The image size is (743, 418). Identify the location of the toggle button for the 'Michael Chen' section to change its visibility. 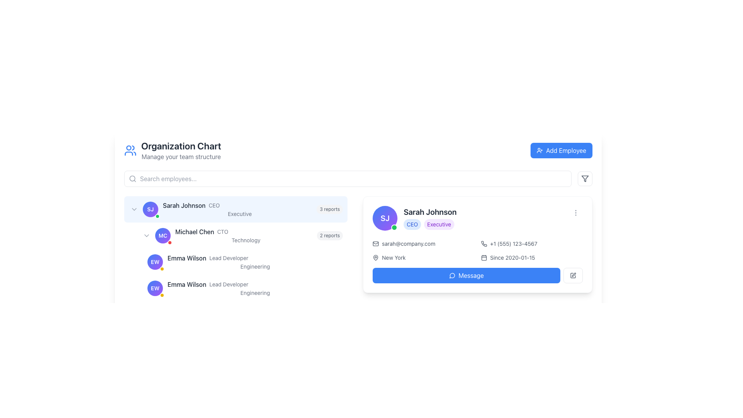
(147, 235).